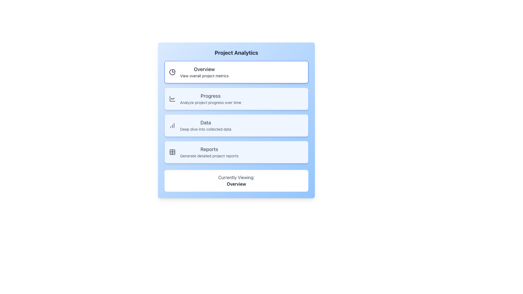 This screenshot has width=523, height=294. I want to click on the text label reading 'Progress', which is styled with a large bold font, located near the top center of the interface, above the smaller text 'Analyze project progress over time', so click(210, 96).